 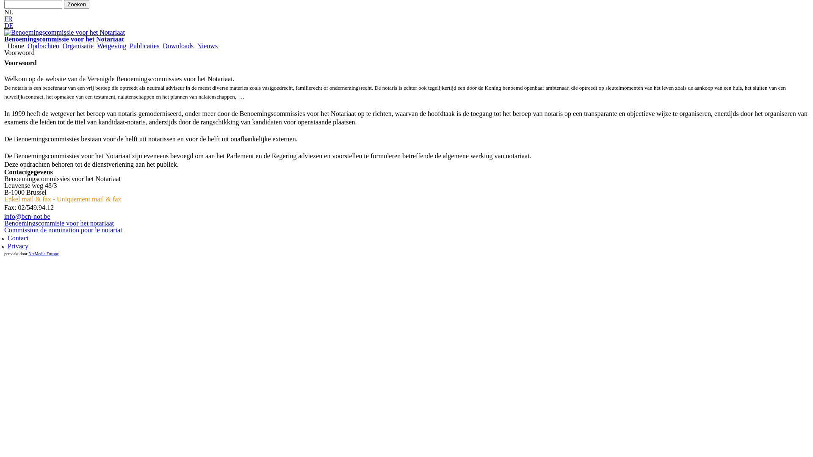 What do you see at coordinates (111, 46) in the screenshot?
I see `'Wetgeving'` at bounding box center [111, 46].